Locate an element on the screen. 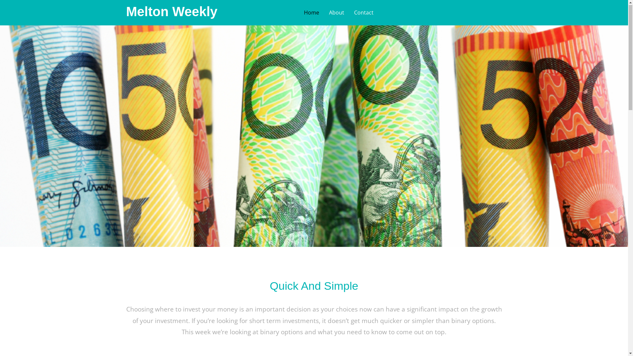  'Contact' is located at coordinates (363, 13).